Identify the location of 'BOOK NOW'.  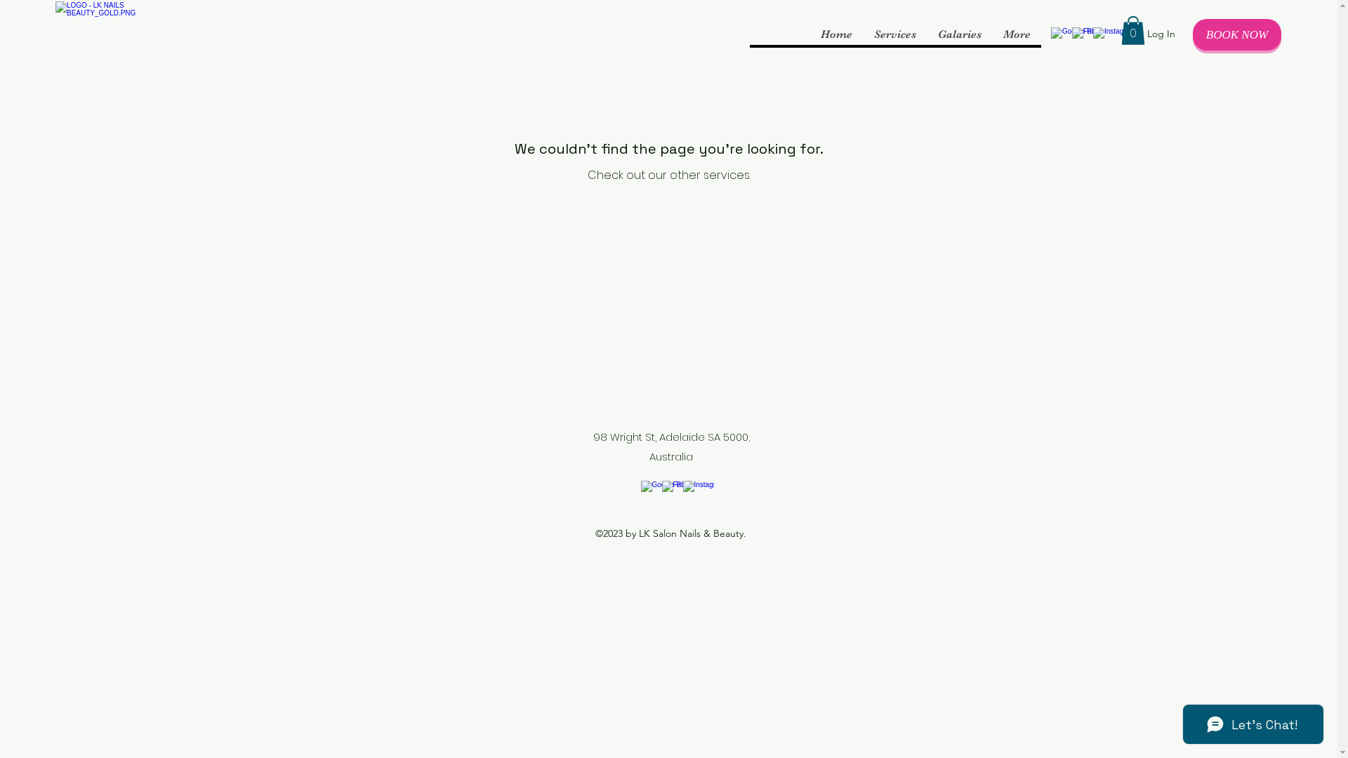
(1236, 34).